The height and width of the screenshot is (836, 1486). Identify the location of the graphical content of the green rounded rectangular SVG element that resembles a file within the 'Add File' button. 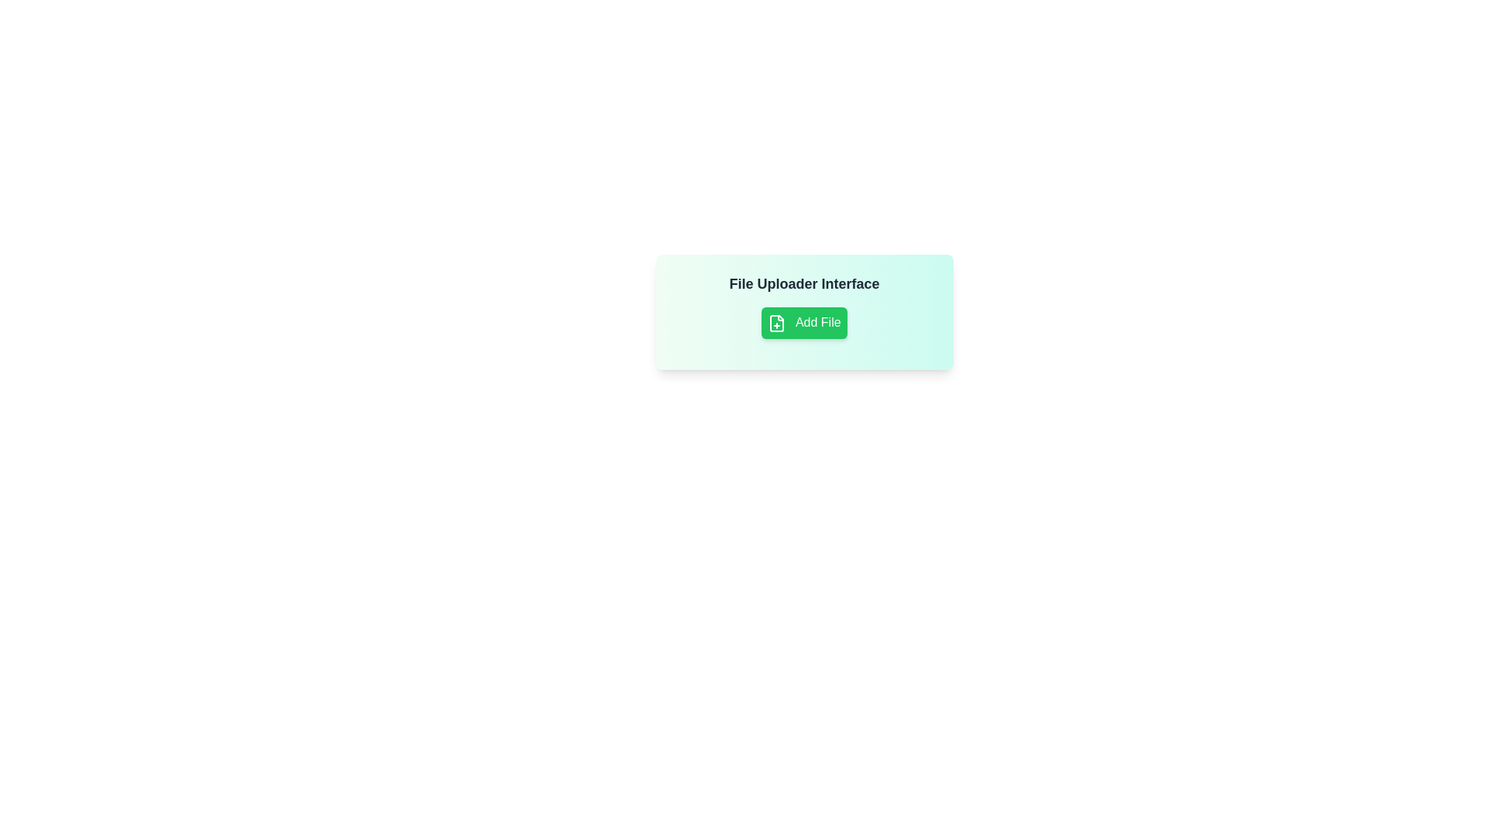
(777, 322).